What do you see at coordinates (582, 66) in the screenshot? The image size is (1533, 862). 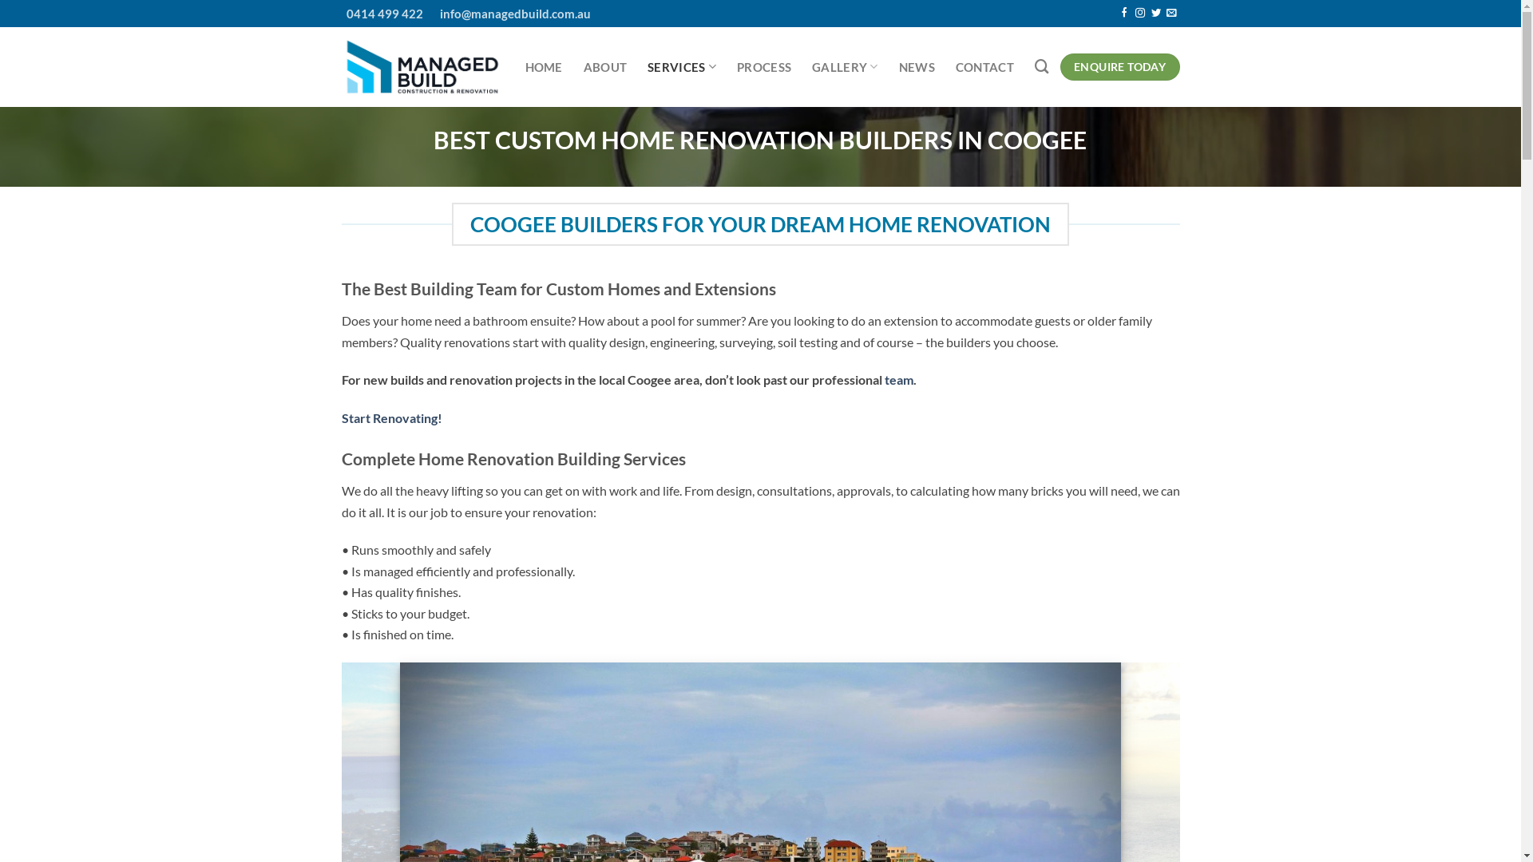 I see `'ABOUT'` at bounding box center [582, 66].